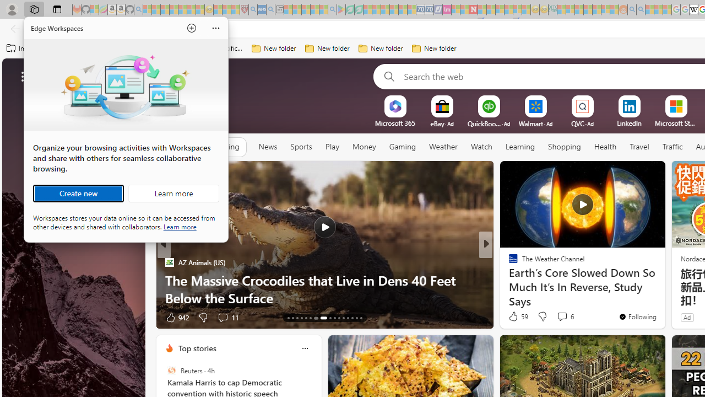 The width and height of the screenshot is (705, 397). Describe the element at coordinates (637, 316) in the screenshot. I see `'You'` at that location.